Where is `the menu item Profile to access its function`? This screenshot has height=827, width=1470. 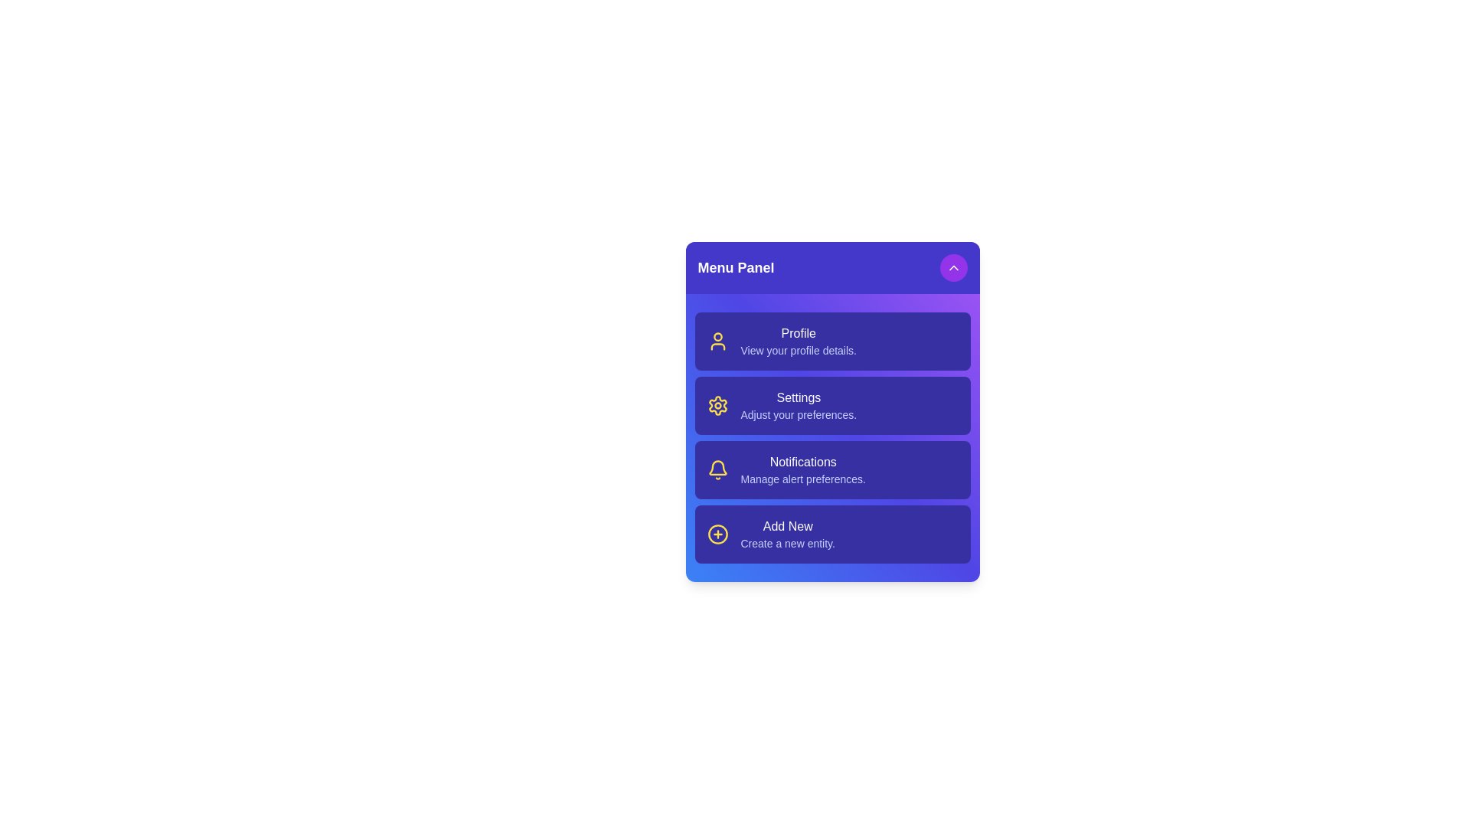 the menu item Profile to access its function is located at coordinates (831, 341).